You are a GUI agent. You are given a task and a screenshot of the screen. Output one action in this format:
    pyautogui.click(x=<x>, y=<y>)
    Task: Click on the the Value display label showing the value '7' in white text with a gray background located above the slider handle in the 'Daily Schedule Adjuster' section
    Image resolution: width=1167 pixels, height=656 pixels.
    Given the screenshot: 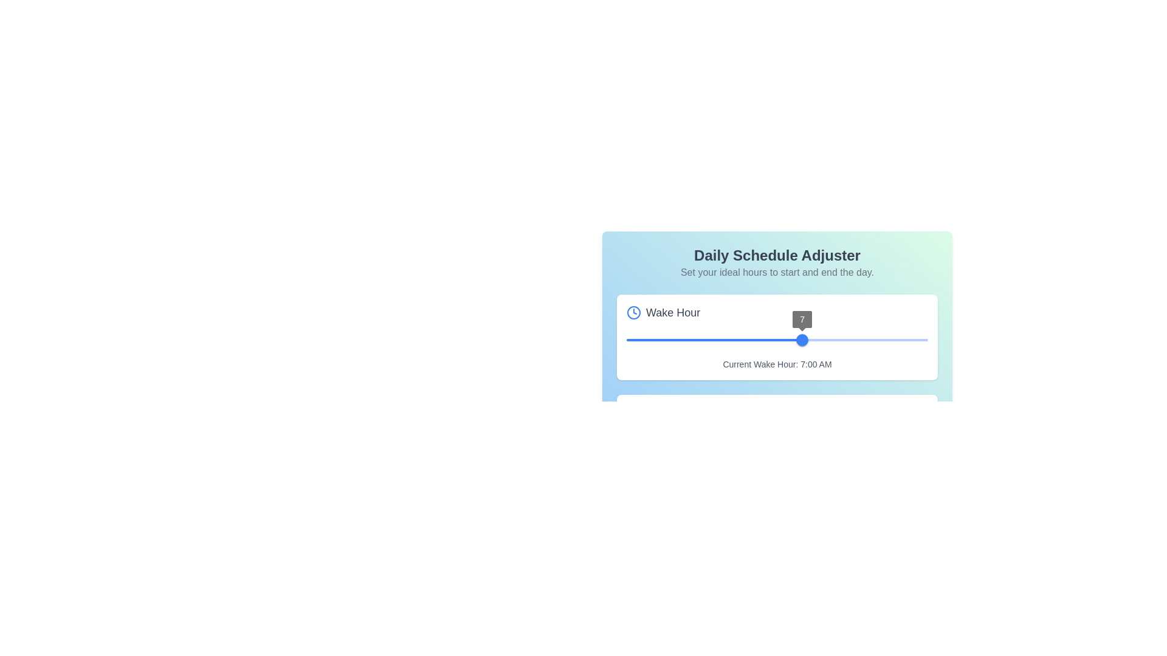 What is the action you would take?
    pyautogui.click(x=802, y=318)
    